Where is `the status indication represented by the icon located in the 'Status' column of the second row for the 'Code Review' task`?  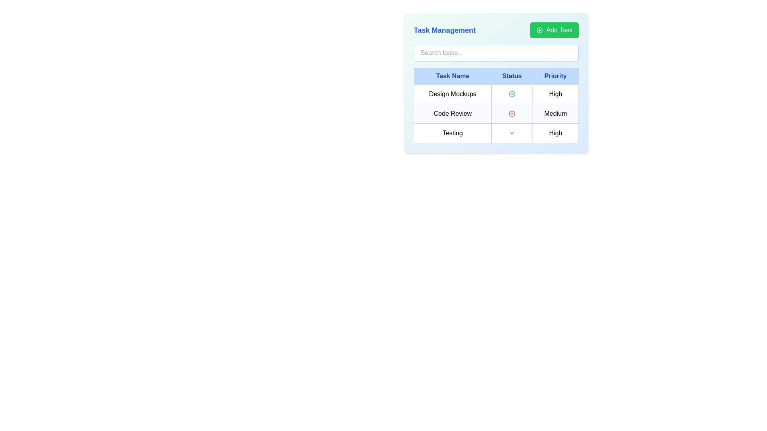
the status indication represented by the icon located in the 'Status' column of the second row for the 'Code Review' task is located at coordinates (512, 114).